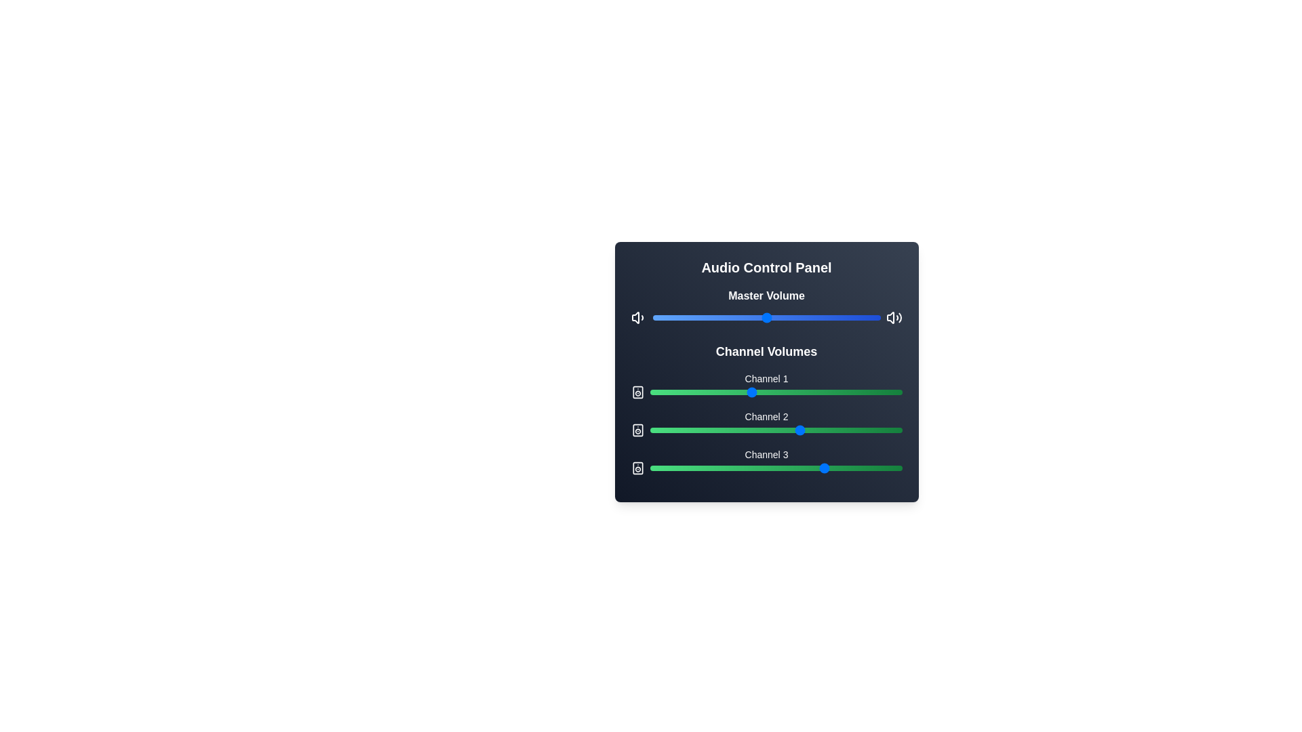 The width and height of the screenshot is (1302, 732). Describe the element at coordinates (698, 392) in the screenshot. I see `the slider value` at that location.